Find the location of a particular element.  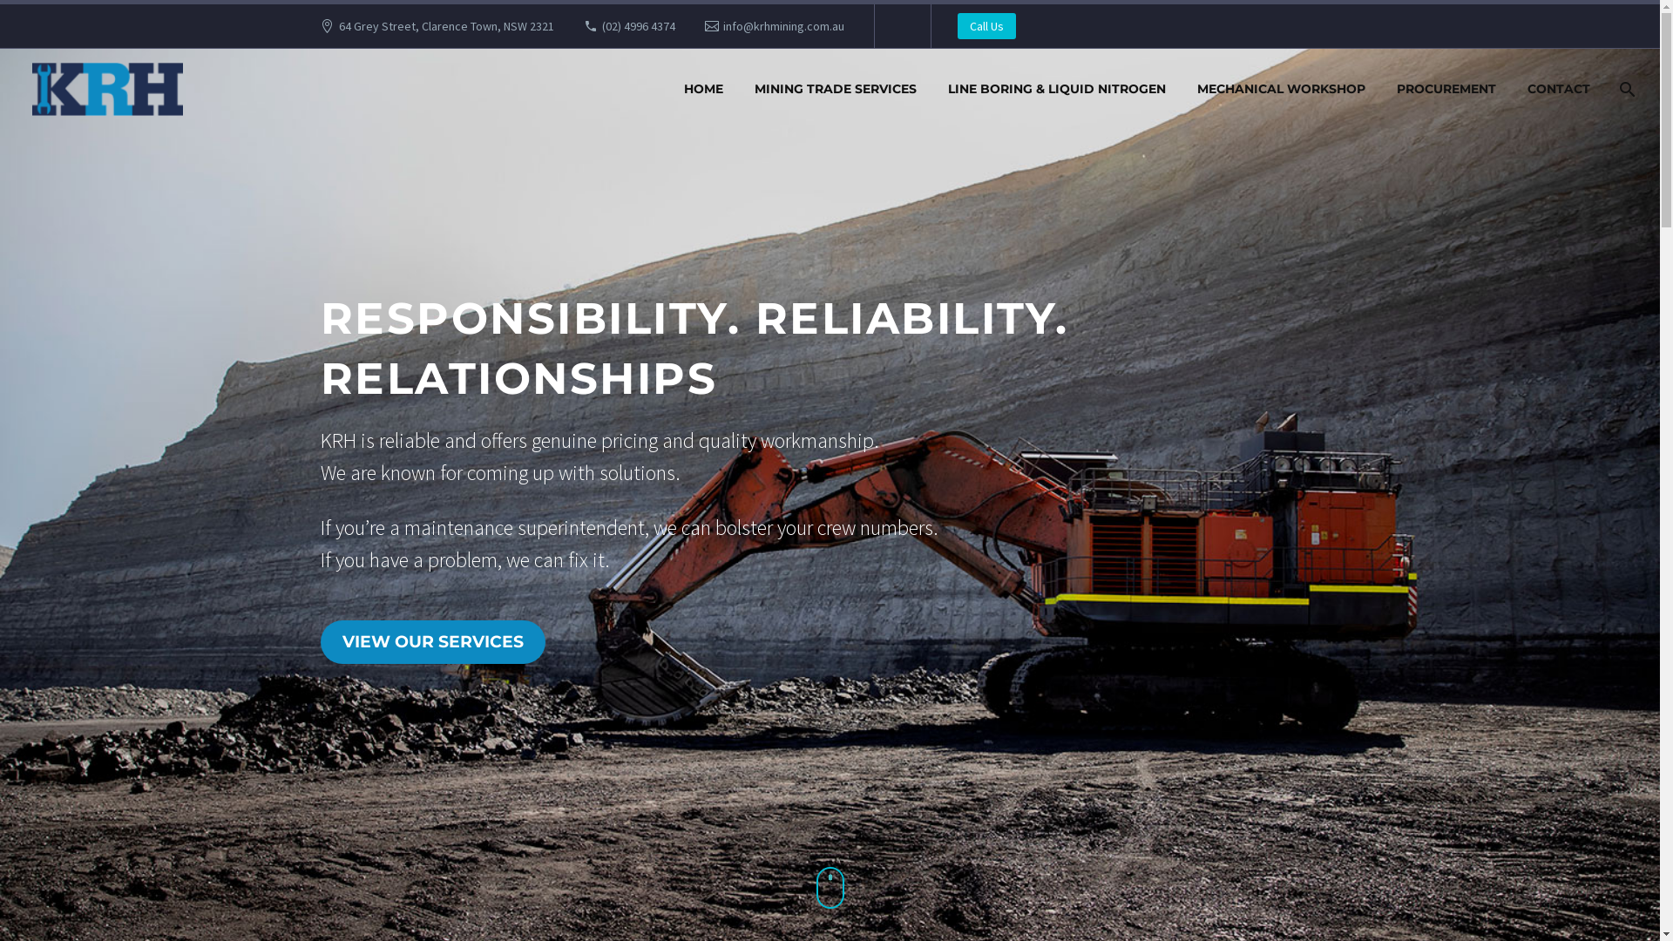

'PROCUREMENT' is located at coordinates (1446, 89).